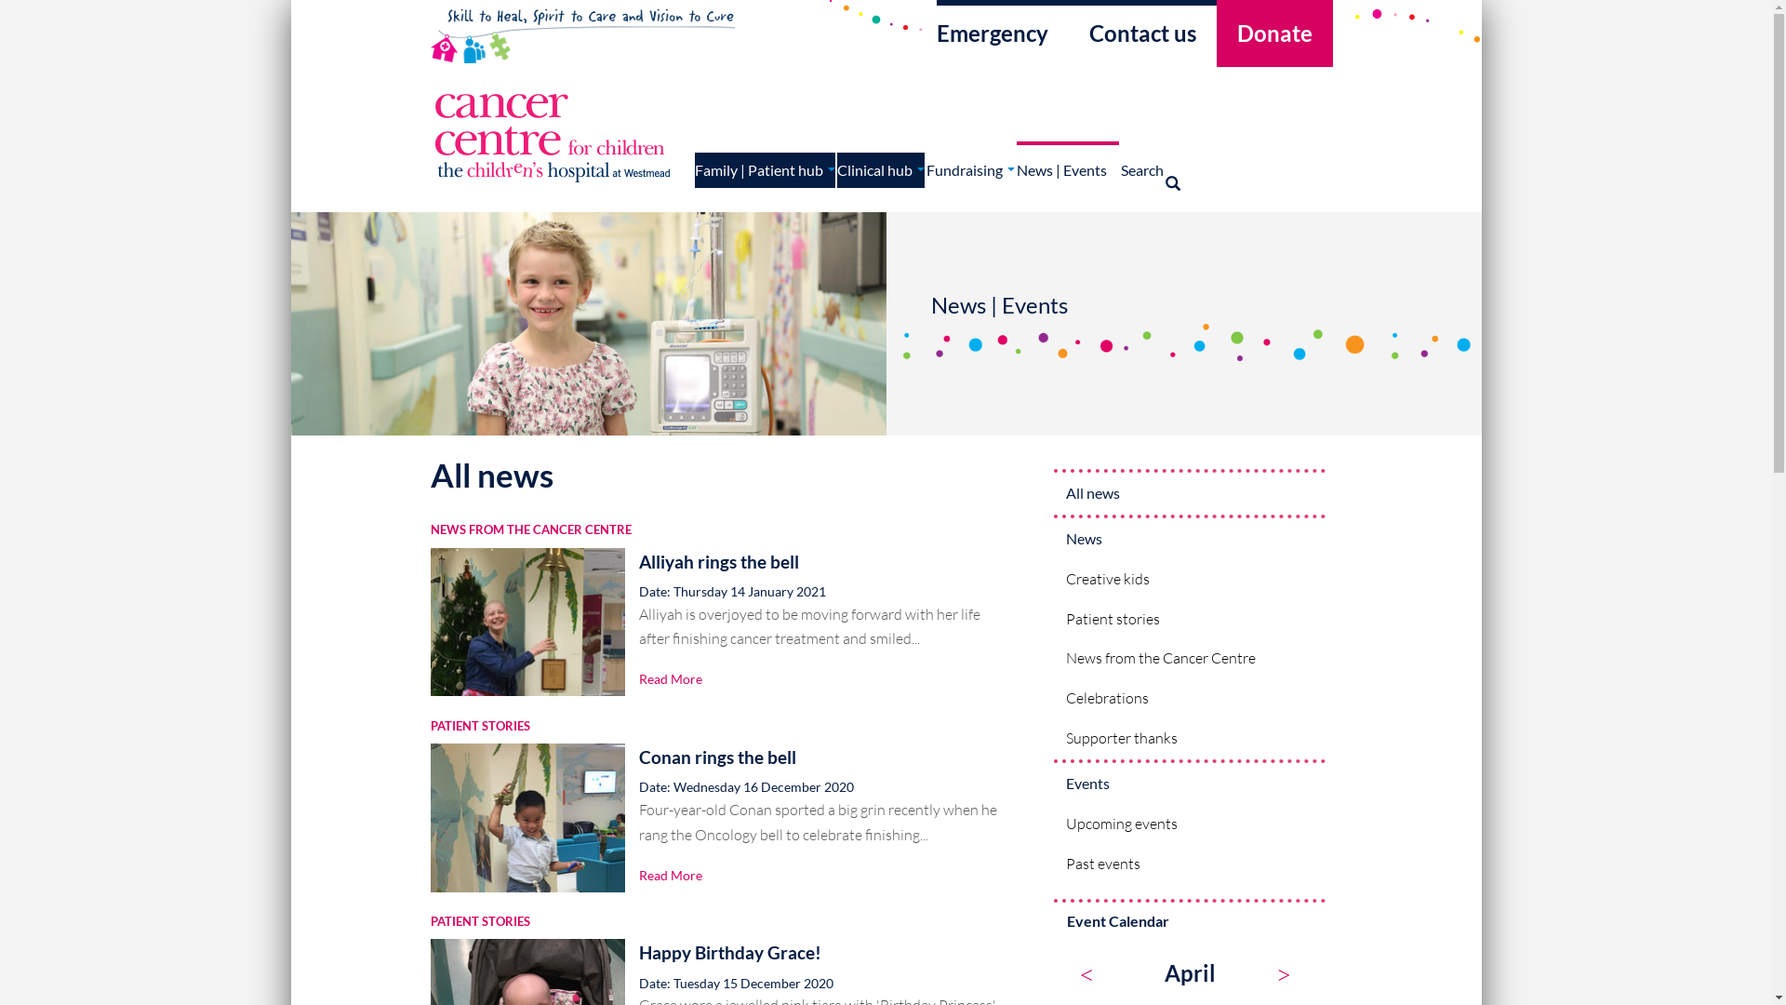 The image size is (1786, 1005). Describe the element at coordinates (1189, 737) in the screenshot. I see `'Supporter thanks'` at that location.